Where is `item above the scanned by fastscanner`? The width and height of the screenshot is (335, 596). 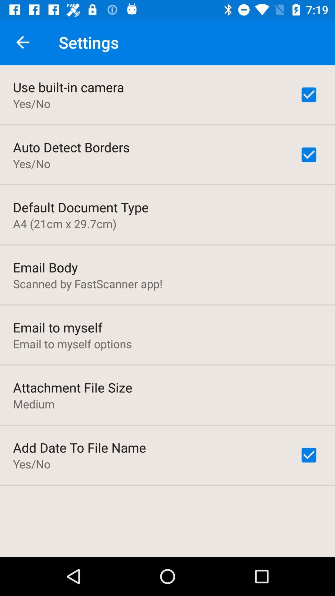
item above the scanned by fastscanner is located at coordinates (45, 267).